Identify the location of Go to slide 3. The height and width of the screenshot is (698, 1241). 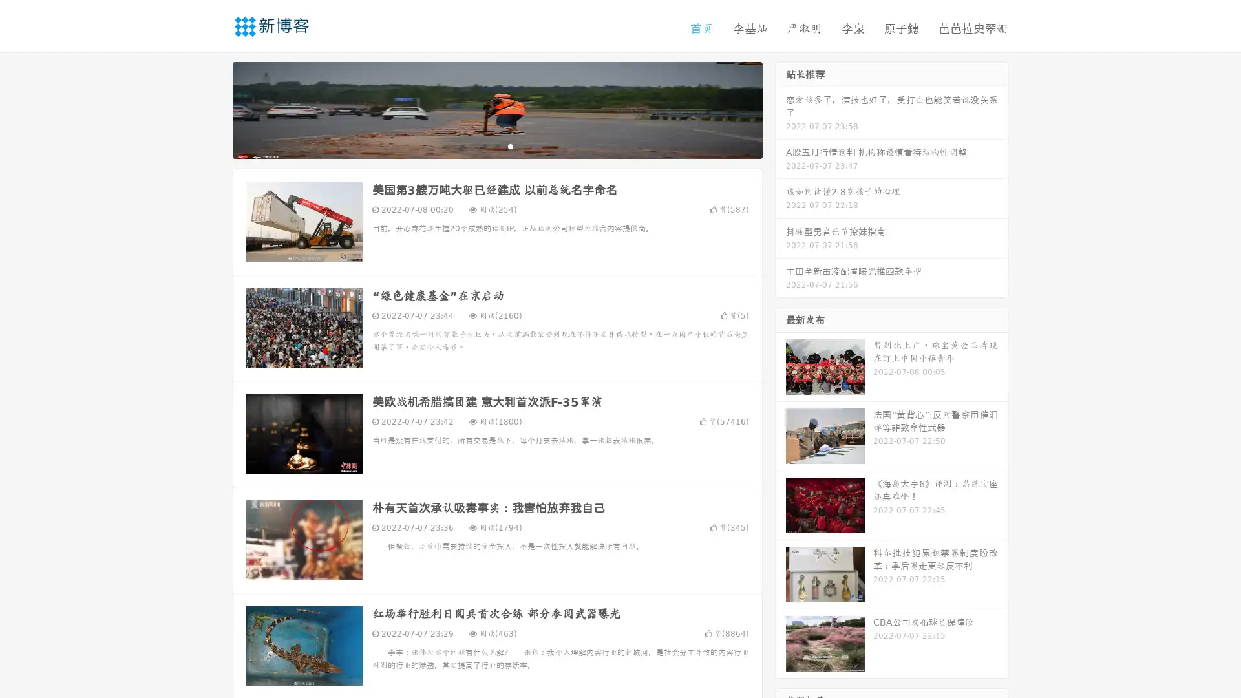
(510, 145).